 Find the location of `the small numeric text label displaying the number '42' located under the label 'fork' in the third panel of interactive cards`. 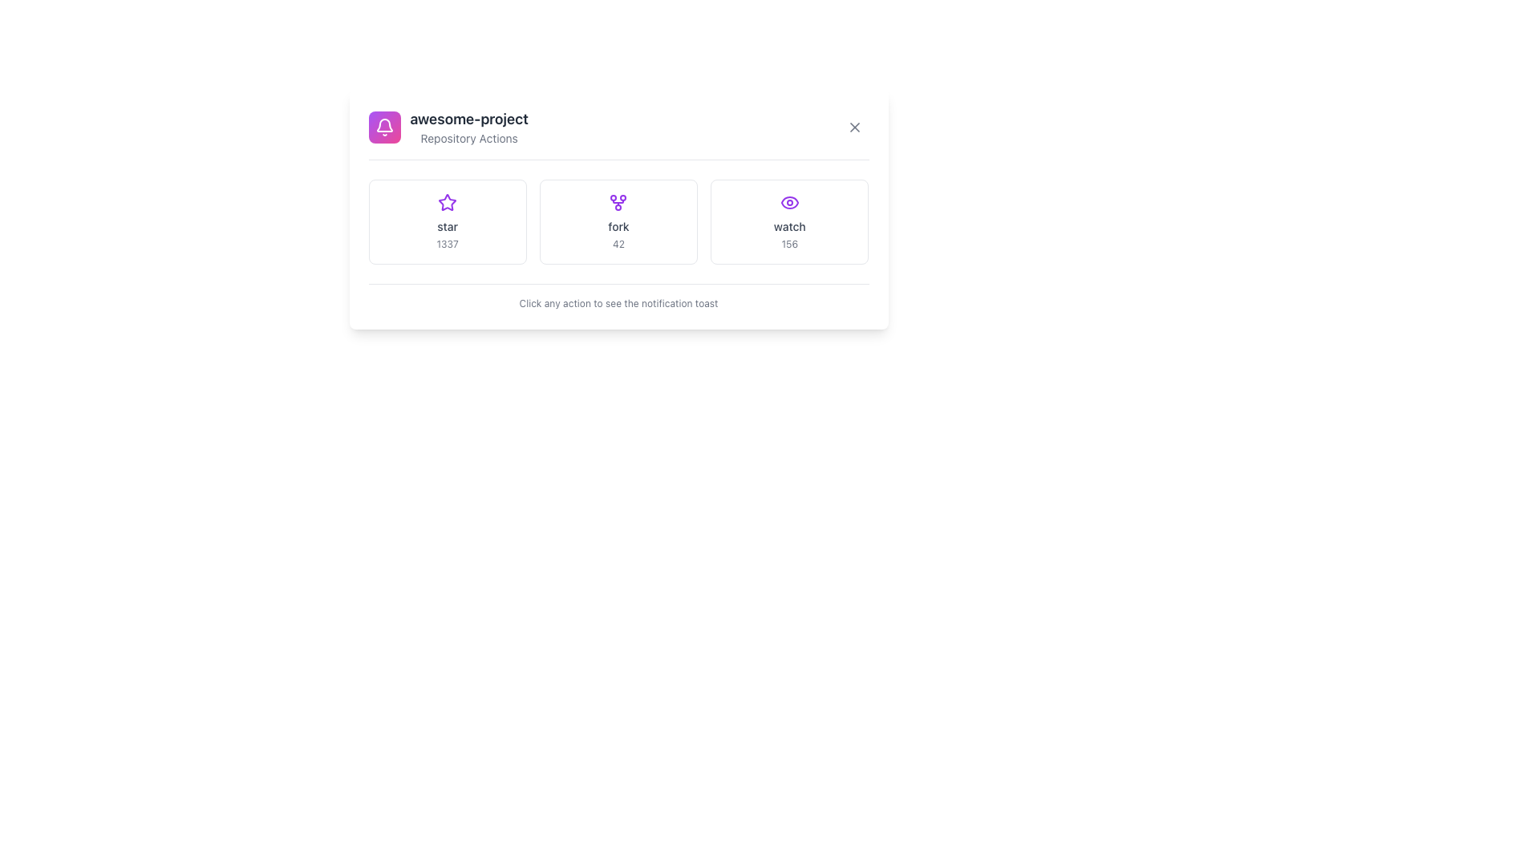

the small numeric text label displaying the number '42' located under the label 'fork' in the third panel of interactive cards is located at coordinates (618, 244).